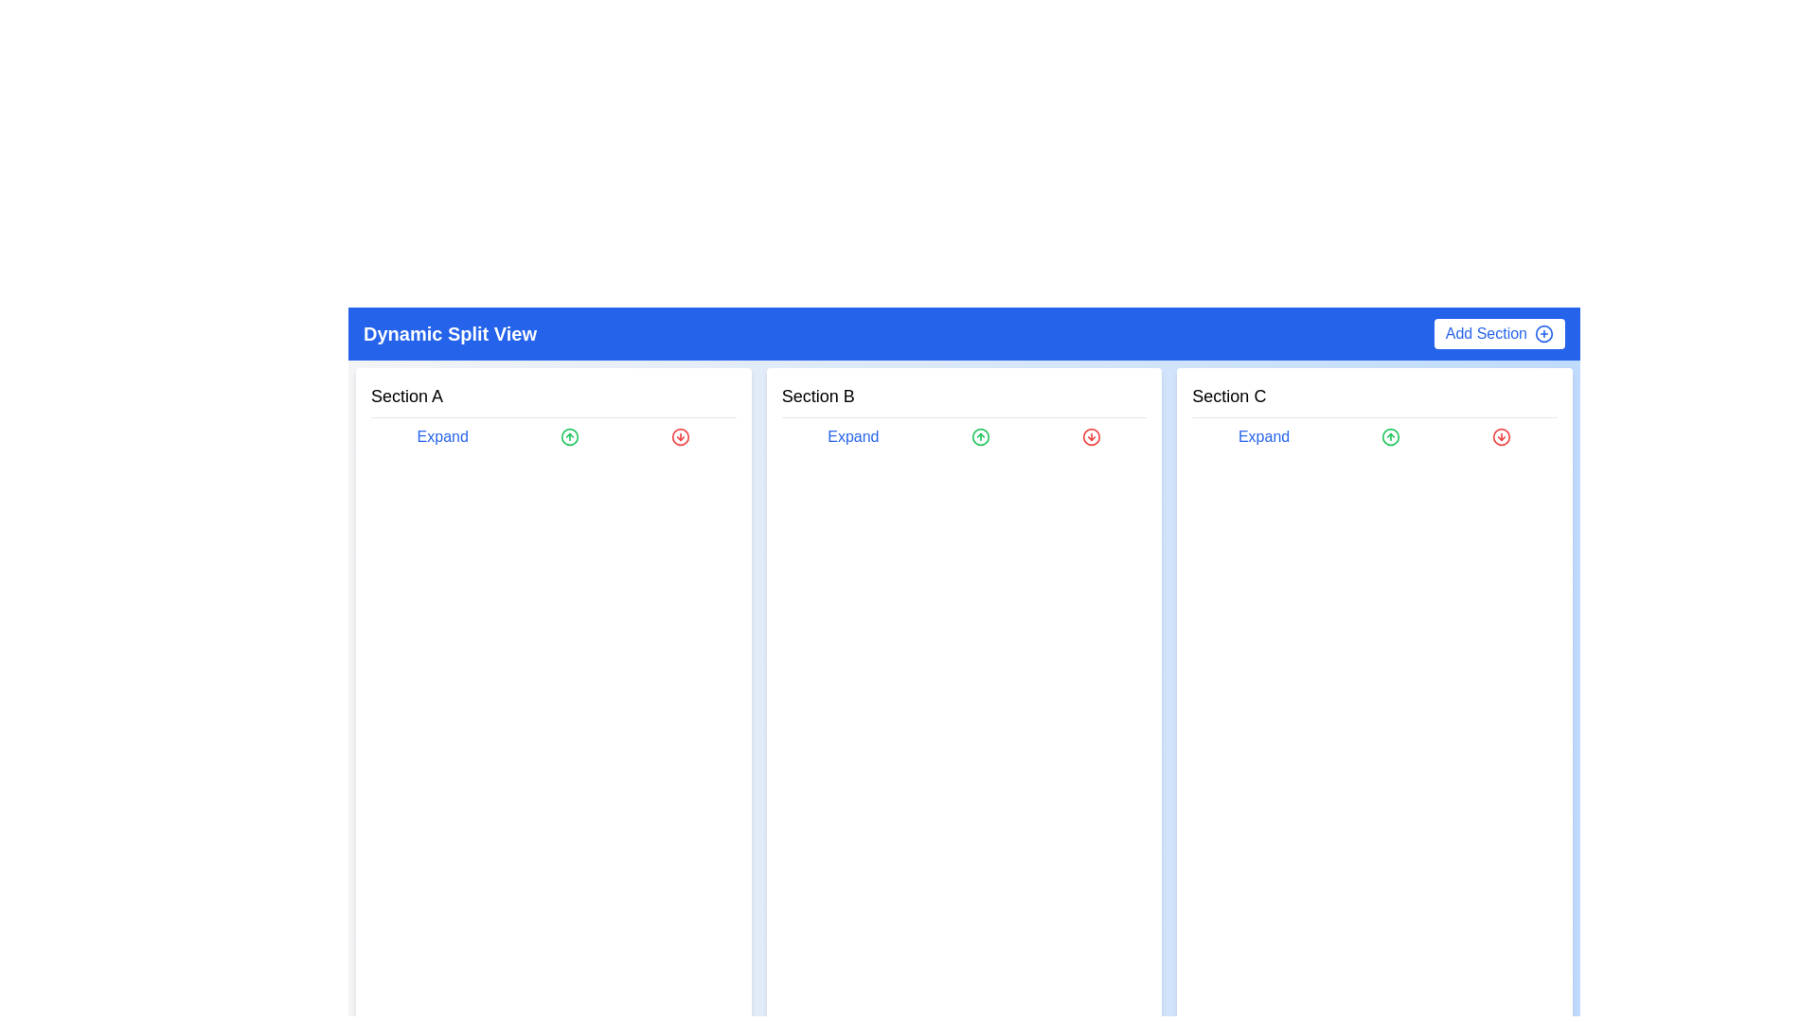 The width and height of the screenshot is (1818, 1022). Describe the element at coordinates (1544, 333) in the screenshot. I see `the circular background of the plus sign within the interactive icon for adding new sections or items, located at the top right corner of the interface` at that location.